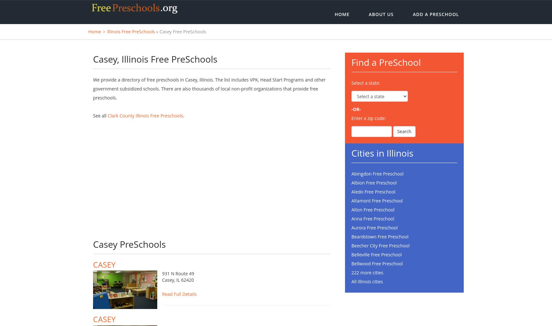  Describe the element at coordinates (179, 301) in the screenshot. I see `'Read Full Details'` at that location.